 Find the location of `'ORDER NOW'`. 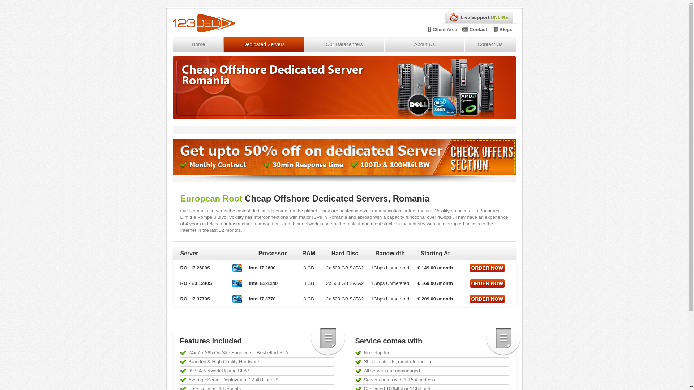

'ORDER NOW' is located at coordinates (470, 268).